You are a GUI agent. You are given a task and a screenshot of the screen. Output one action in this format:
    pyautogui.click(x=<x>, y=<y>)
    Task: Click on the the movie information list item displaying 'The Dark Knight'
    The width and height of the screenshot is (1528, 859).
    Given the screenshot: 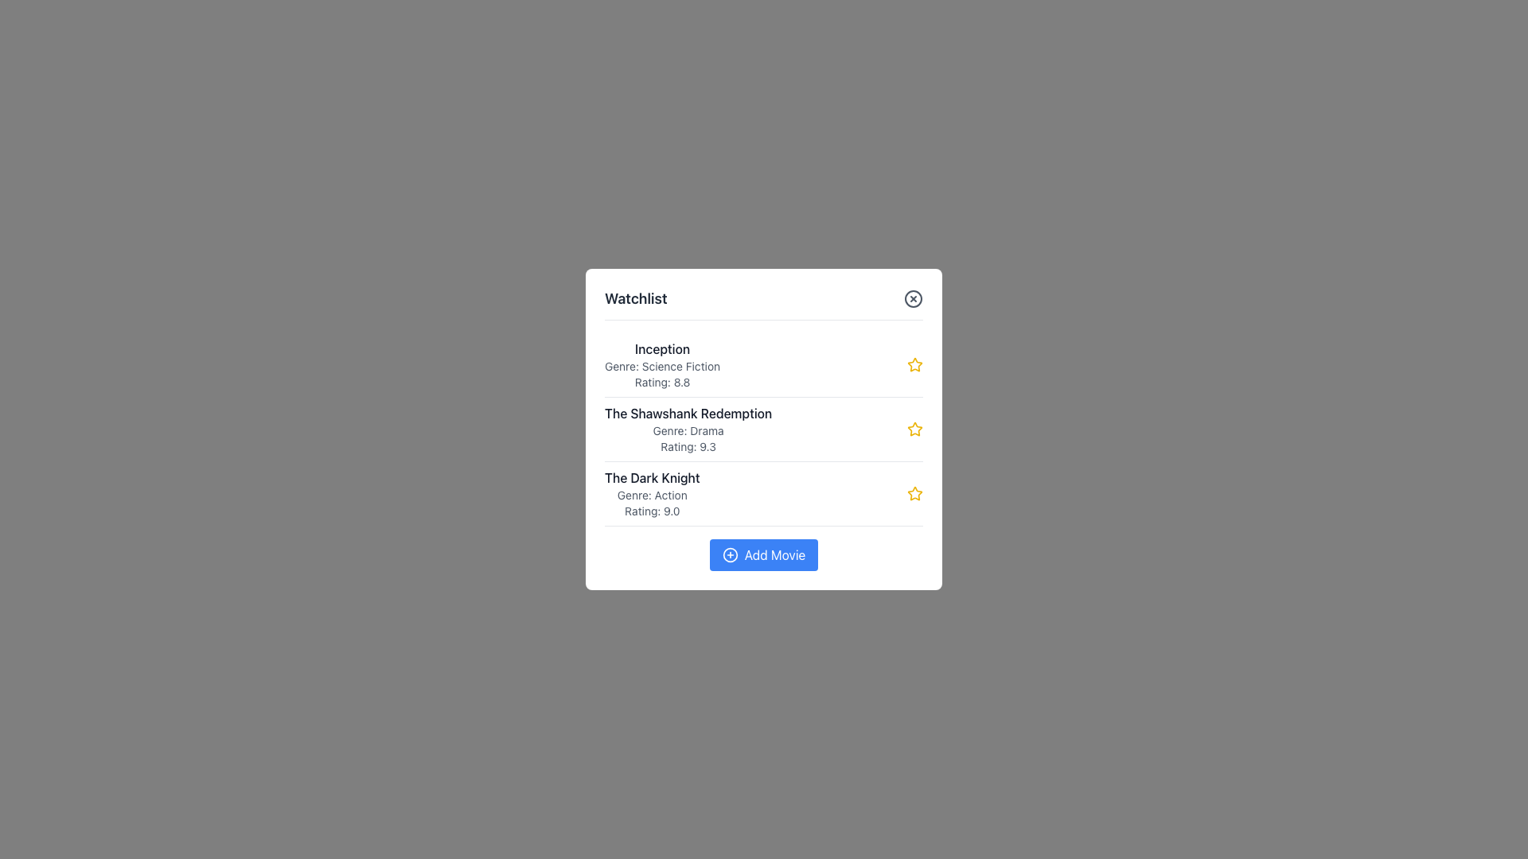 What is the action you would take?
    pyautogui.click(x=764, y=493)
    